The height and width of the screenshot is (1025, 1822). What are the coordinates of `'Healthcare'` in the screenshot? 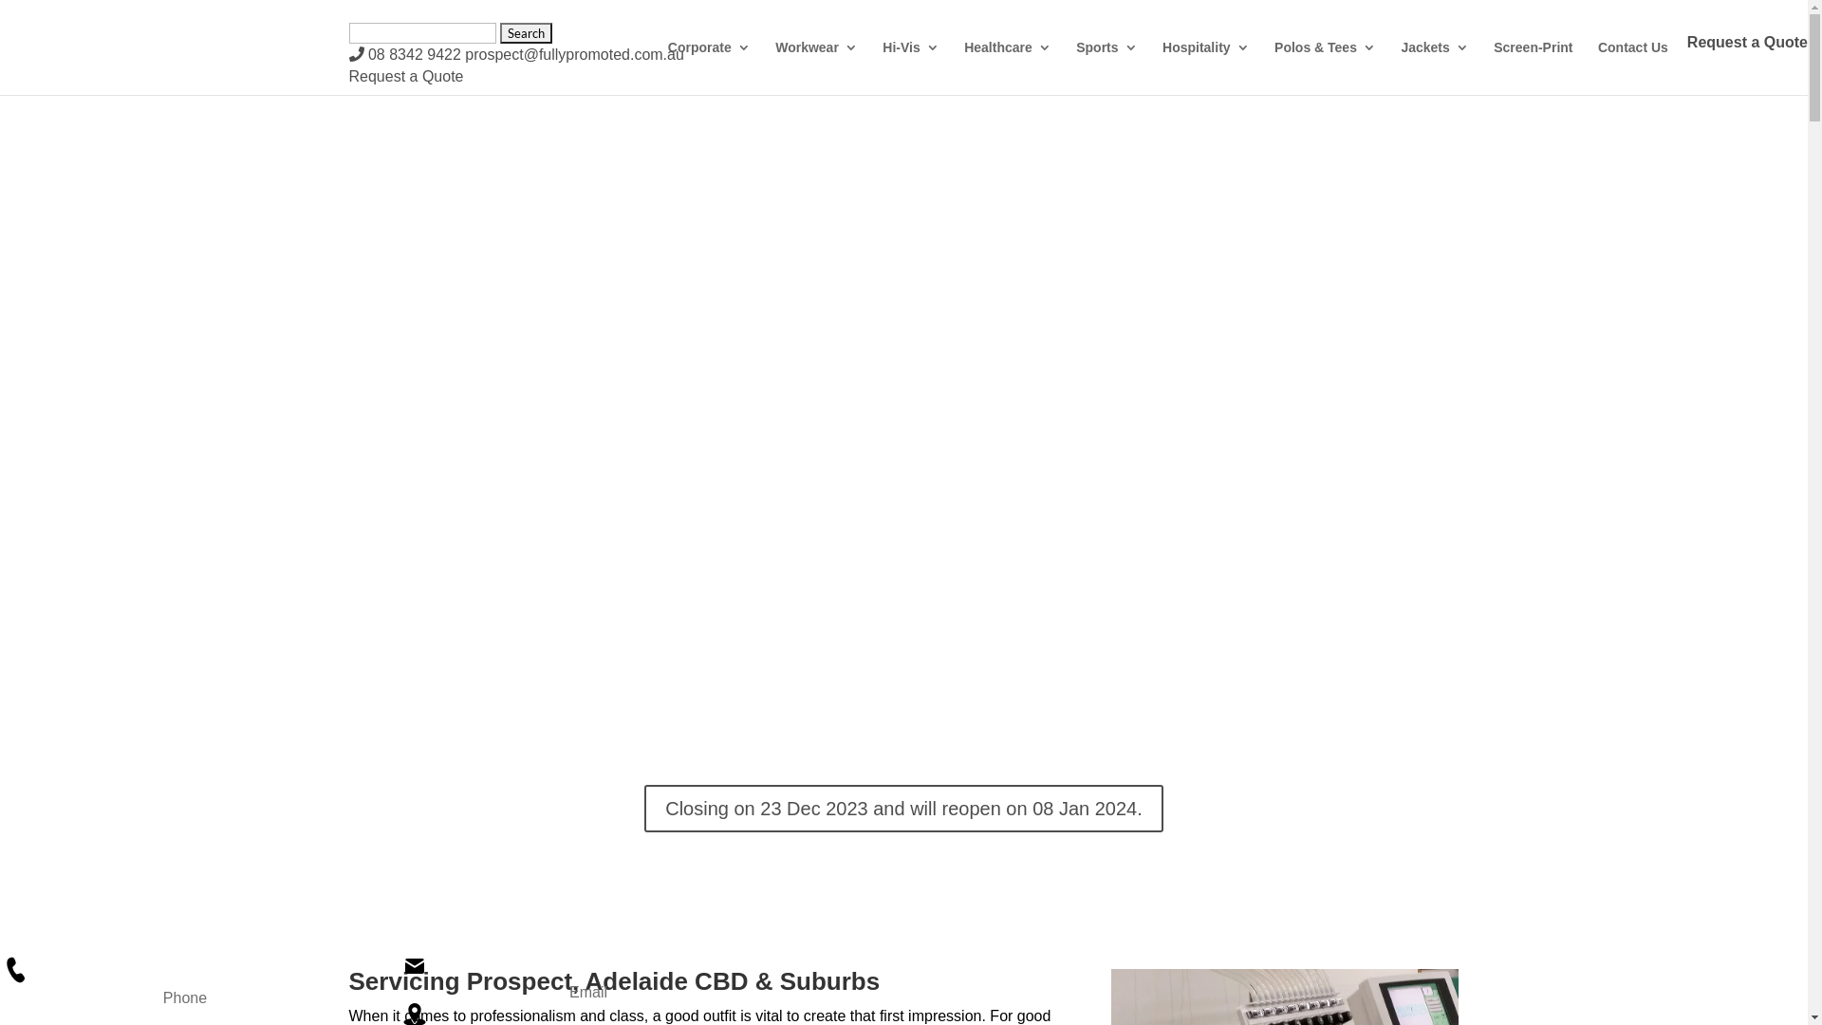 It's located at (964, 62).